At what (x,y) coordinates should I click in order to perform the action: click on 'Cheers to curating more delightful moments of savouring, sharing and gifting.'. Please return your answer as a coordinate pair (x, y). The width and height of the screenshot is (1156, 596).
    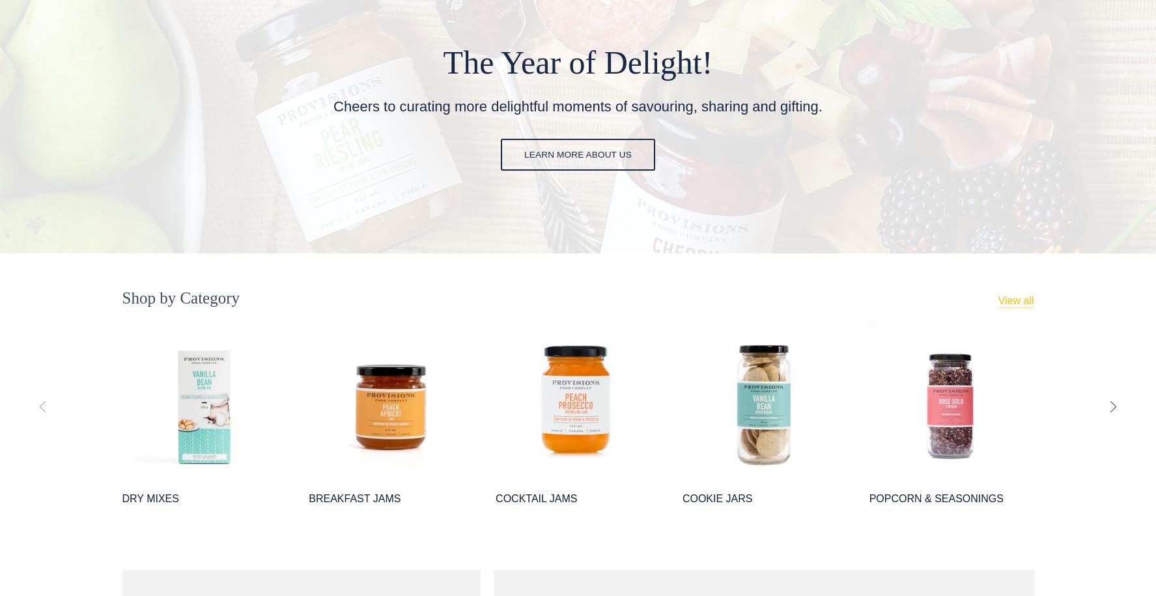
    Looking at the image, I should click on (576, 105).